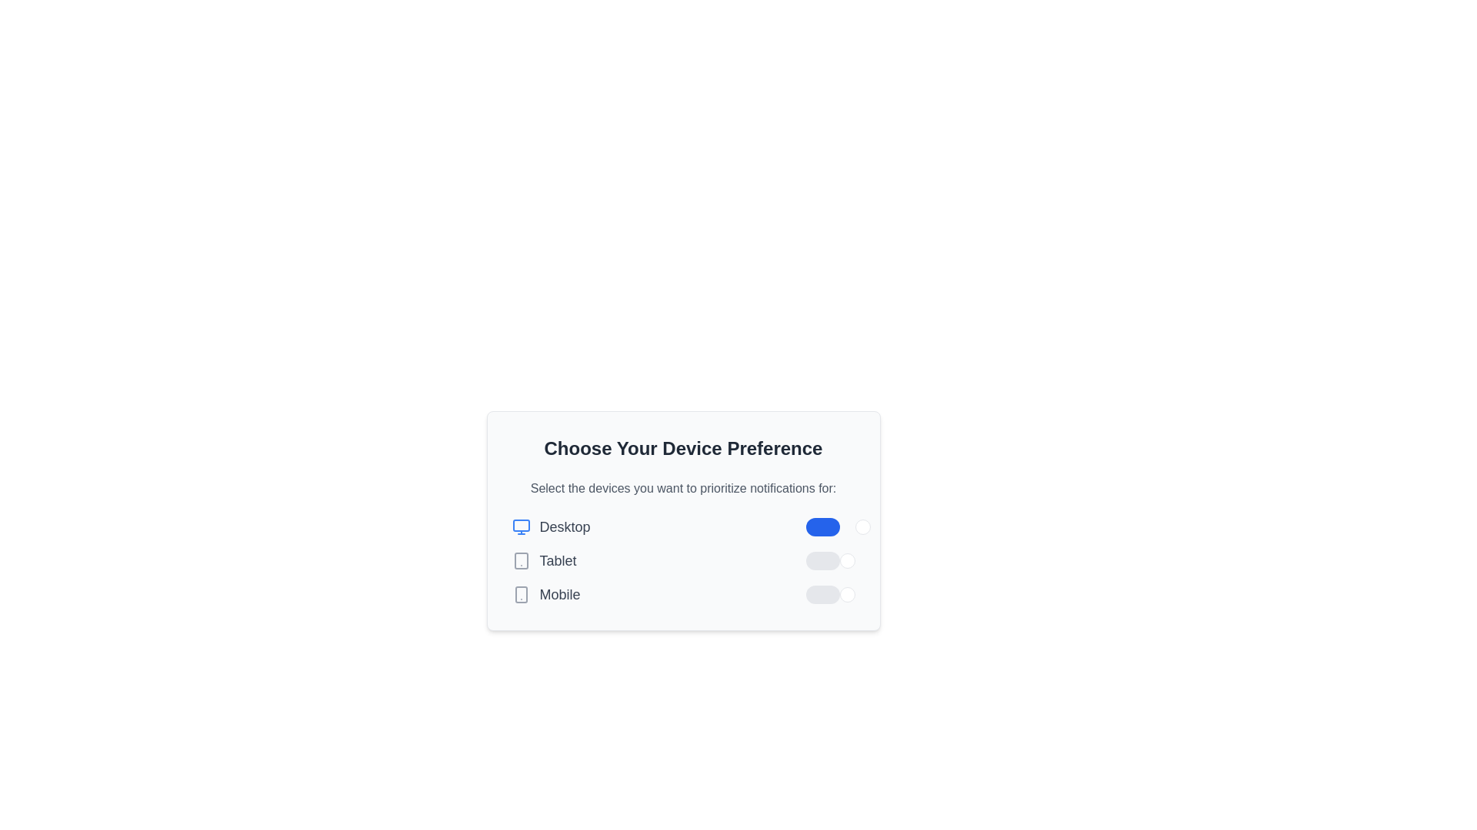 Image resolution: width=1477 pixels, height=830 pixels. Describe the element at coordinates (551, 526) in the screenshot. I see `the text label that indicates the selection option for prioritizing notifications for the Desktop device type, located in the topmost row of device options` at that location.